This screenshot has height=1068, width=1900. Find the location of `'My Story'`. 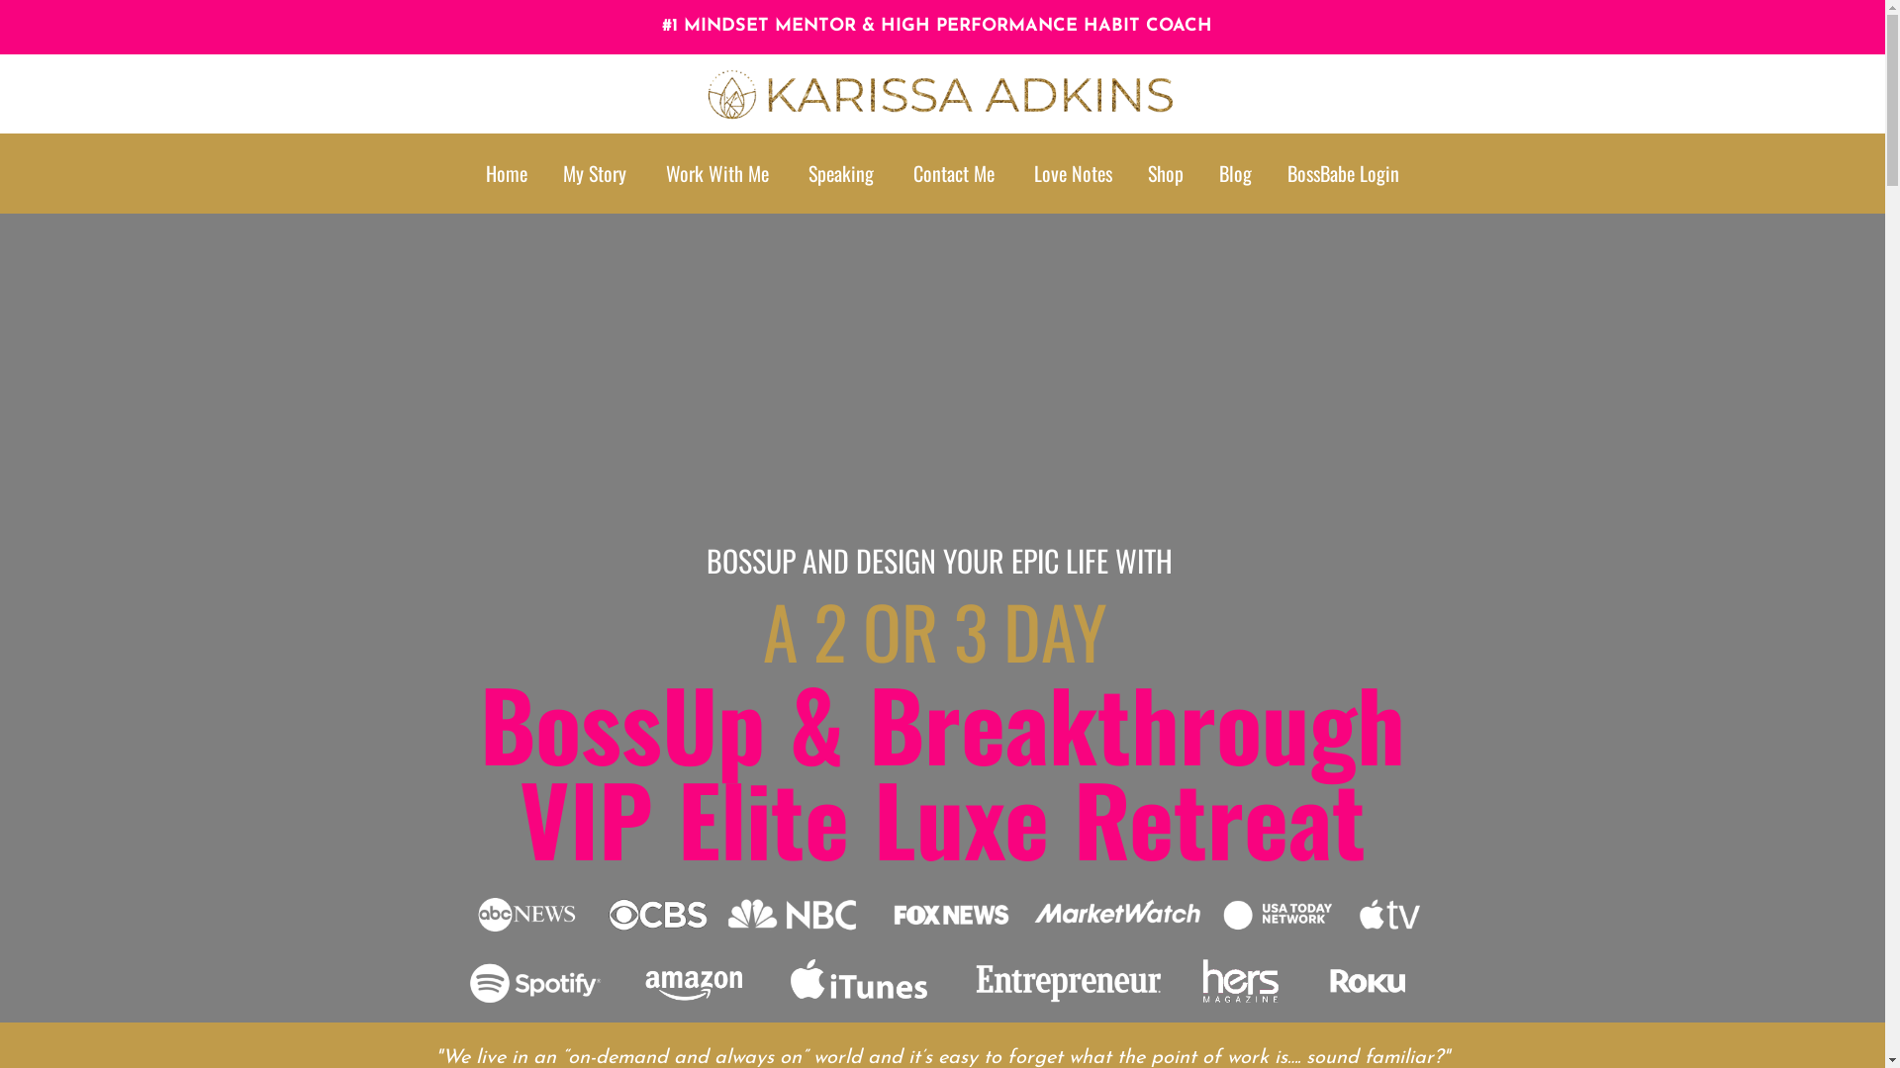

'My Story' is located at coordinates (562, 172).